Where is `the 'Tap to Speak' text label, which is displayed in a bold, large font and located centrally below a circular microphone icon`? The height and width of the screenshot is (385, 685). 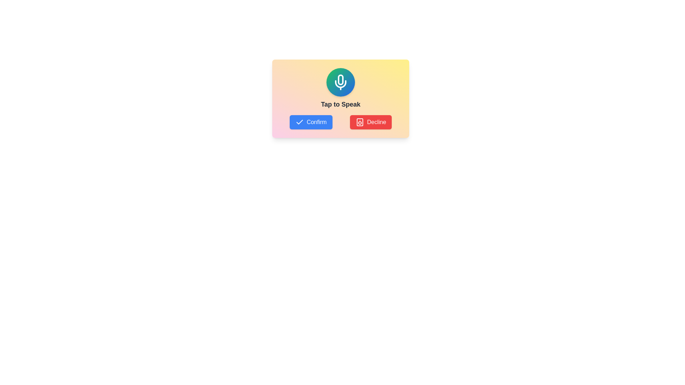 the 'Tap to Speak' text label, which is displayed in a bold, large font and located centrally below a circular microphone icon is located at coordinates (340, 104).